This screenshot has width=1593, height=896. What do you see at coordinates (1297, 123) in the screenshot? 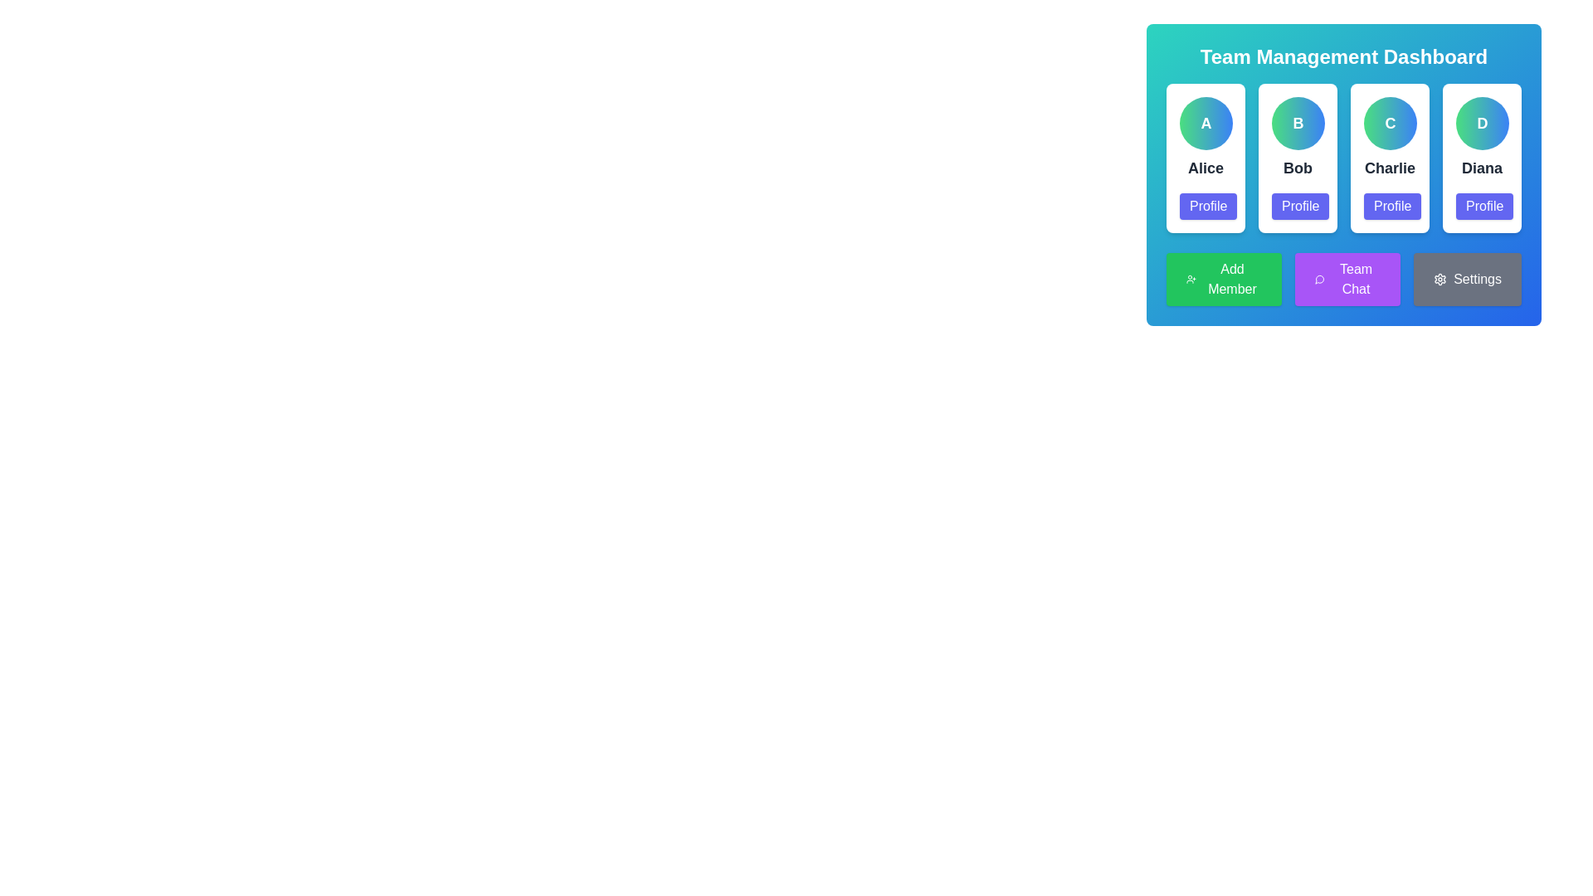
I see `the circular user avatar for user 'Bob'` at bounding box center [1297, 123].